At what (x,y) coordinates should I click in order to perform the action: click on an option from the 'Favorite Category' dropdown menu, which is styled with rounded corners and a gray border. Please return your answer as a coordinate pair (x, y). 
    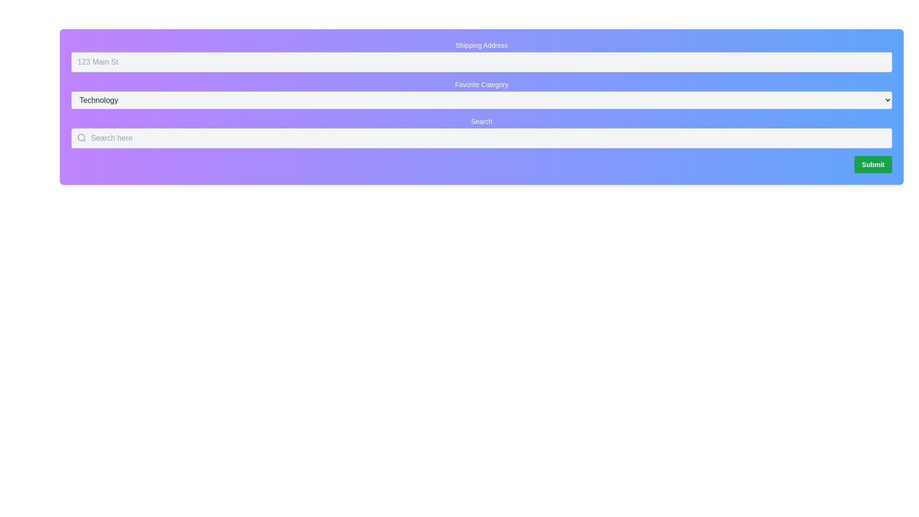
    Looking at the image, I should click on (482, 100).